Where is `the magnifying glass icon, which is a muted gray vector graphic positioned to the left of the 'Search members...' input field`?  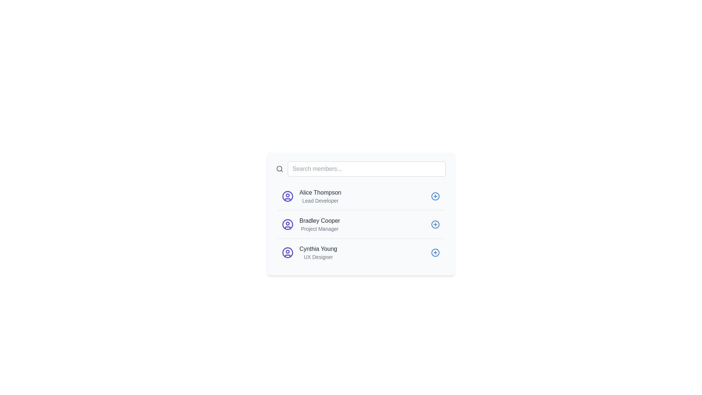 the magnifying glass icon, which is a muted gray vector graphic positioned to the left of the 'Search members...' input field is located at coordinates (279, 169).